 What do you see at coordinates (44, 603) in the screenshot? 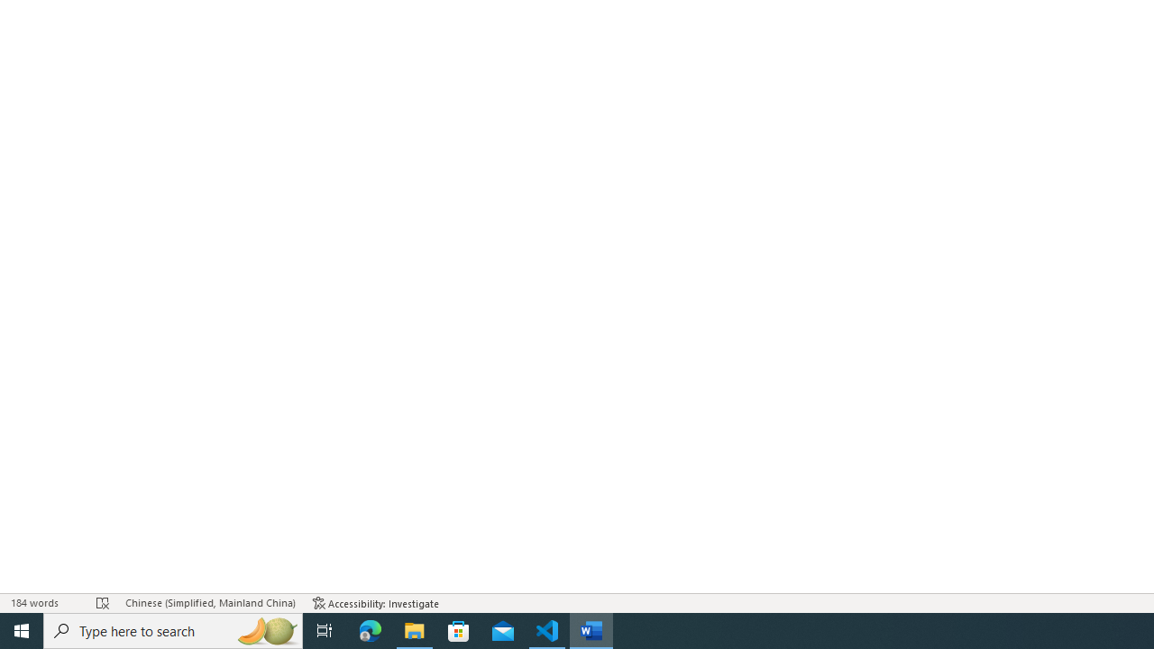
I see `'Word Count 184 words'` at bounding box center [44, 603].